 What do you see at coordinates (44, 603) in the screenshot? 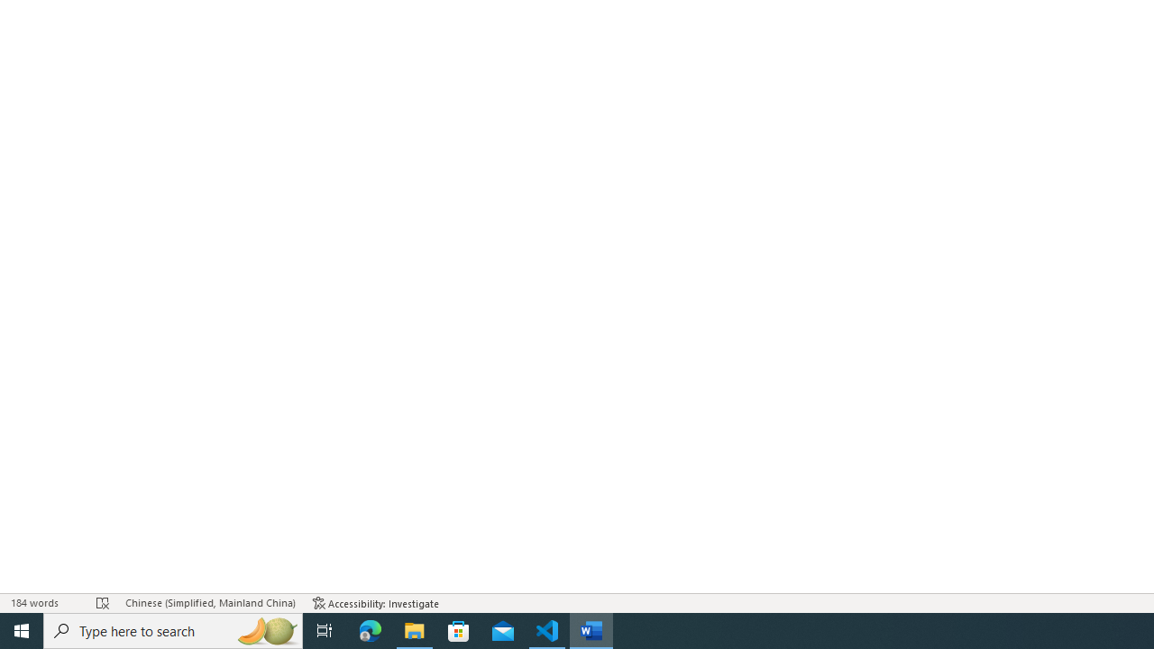
I see `'Word Count 184 words'` at bounding box center [44, 603].